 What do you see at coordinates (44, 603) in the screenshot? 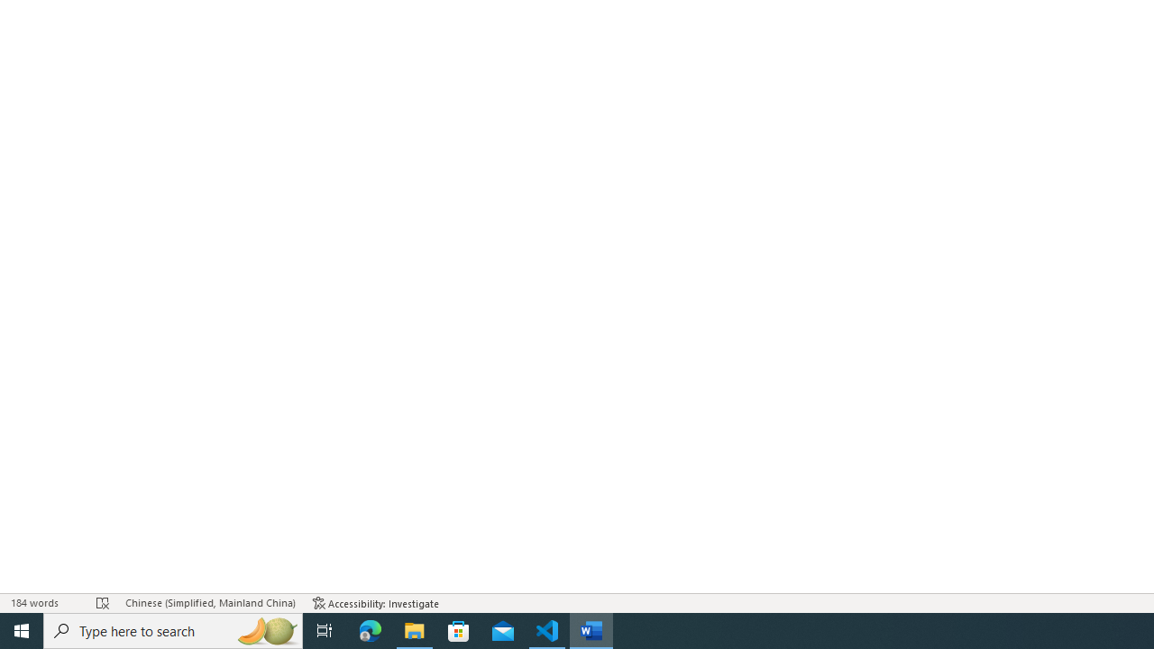
I see `'Word Count 184 words'` at bounding box center [44, 603].